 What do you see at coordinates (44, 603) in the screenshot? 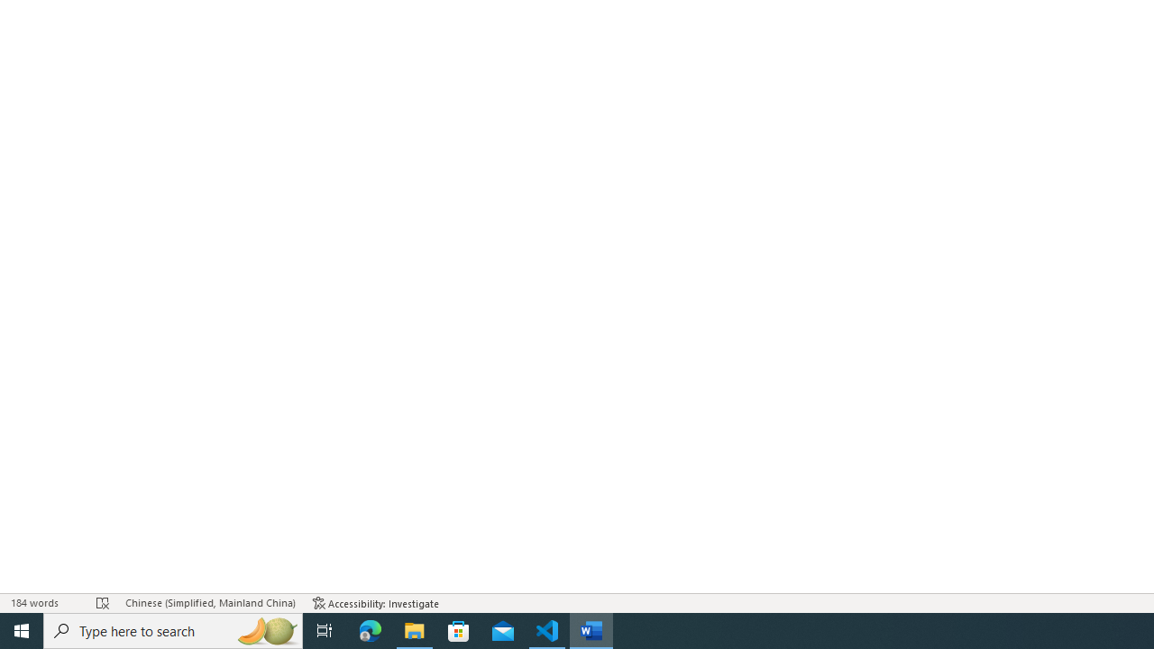
I see `'Word Count 184 words'` at bounding box center [44, 603].